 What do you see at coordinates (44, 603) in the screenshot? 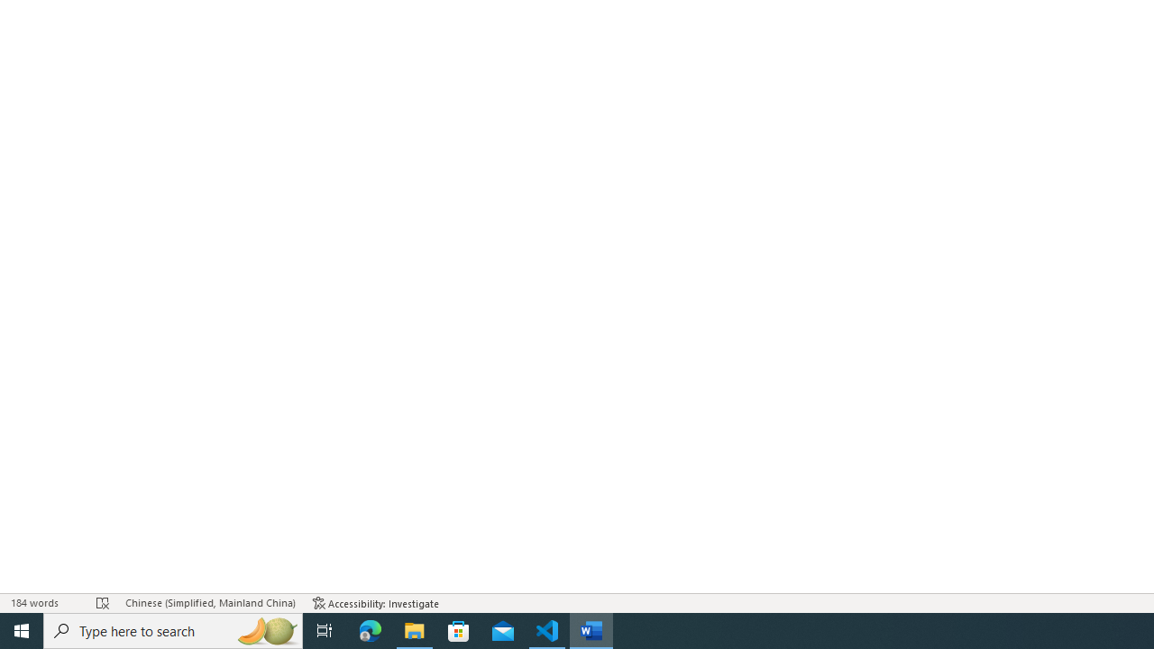
I see `'Word Count 184 words'` at bounding box center [44, 603].